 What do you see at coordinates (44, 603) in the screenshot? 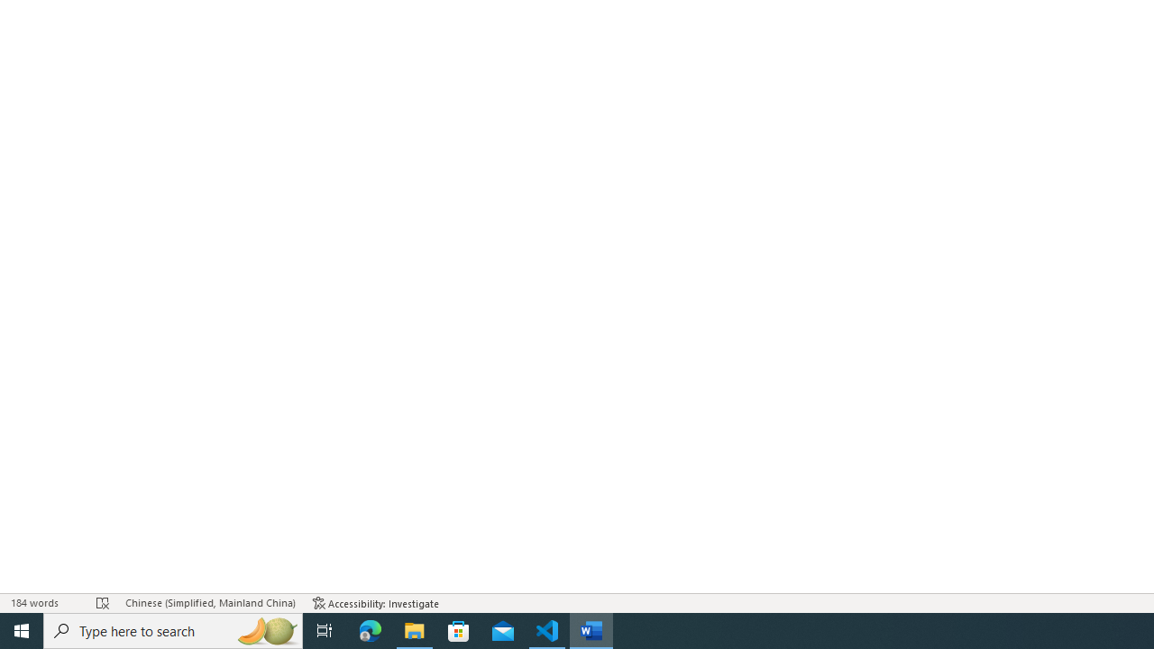
I see `'Word Count 184 words'` at bounding box center [44, 603].